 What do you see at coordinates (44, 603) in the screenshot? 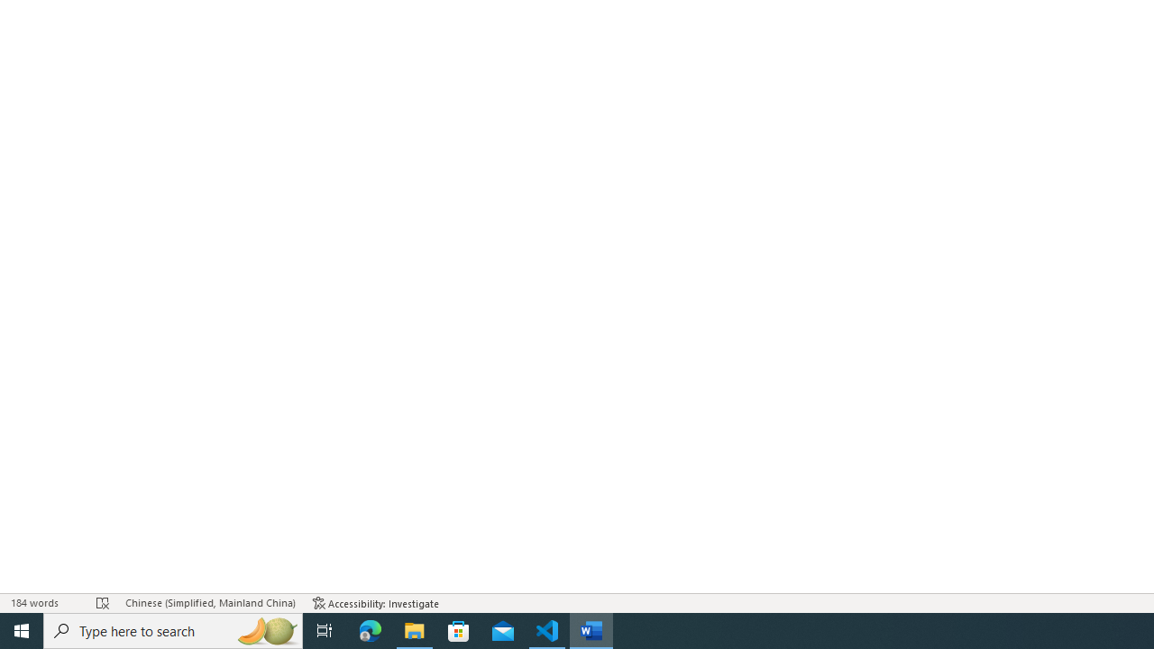
I see `'Word Count 184 words'` at bounding box center [44, 603].